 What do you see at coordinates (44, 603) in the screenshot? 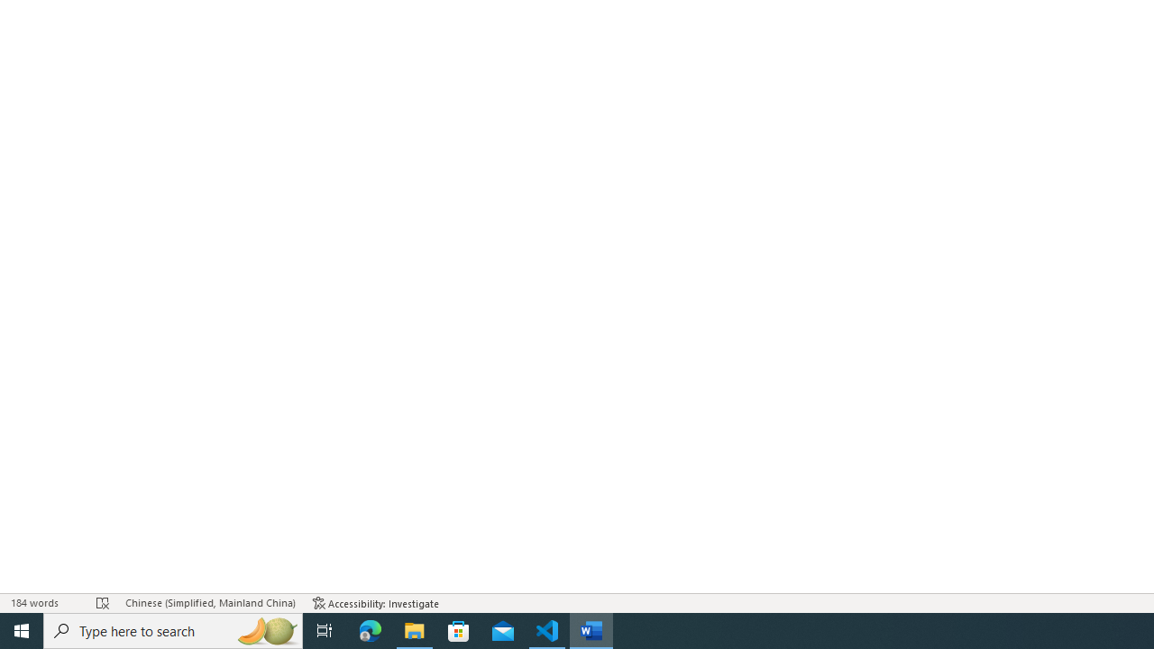
I see `'Word Count 184 words'` at bounding box center [44, 603].